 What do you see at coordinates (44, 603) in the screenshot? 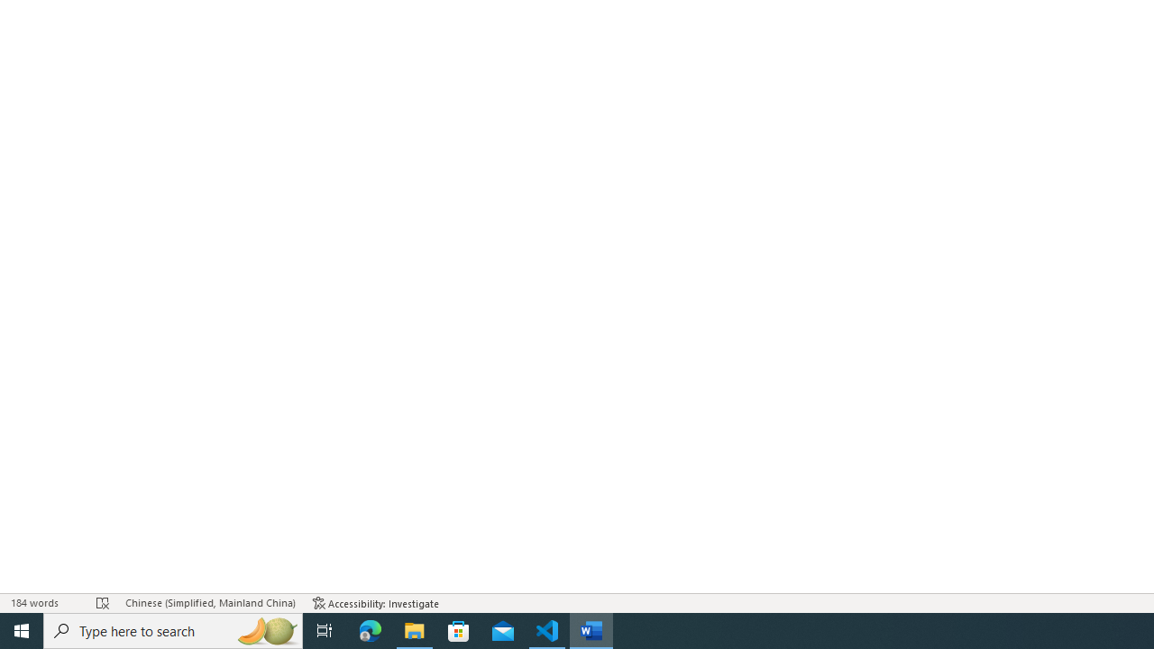
I see `'Word Count 184 words'` at bounding box center [44, 603].